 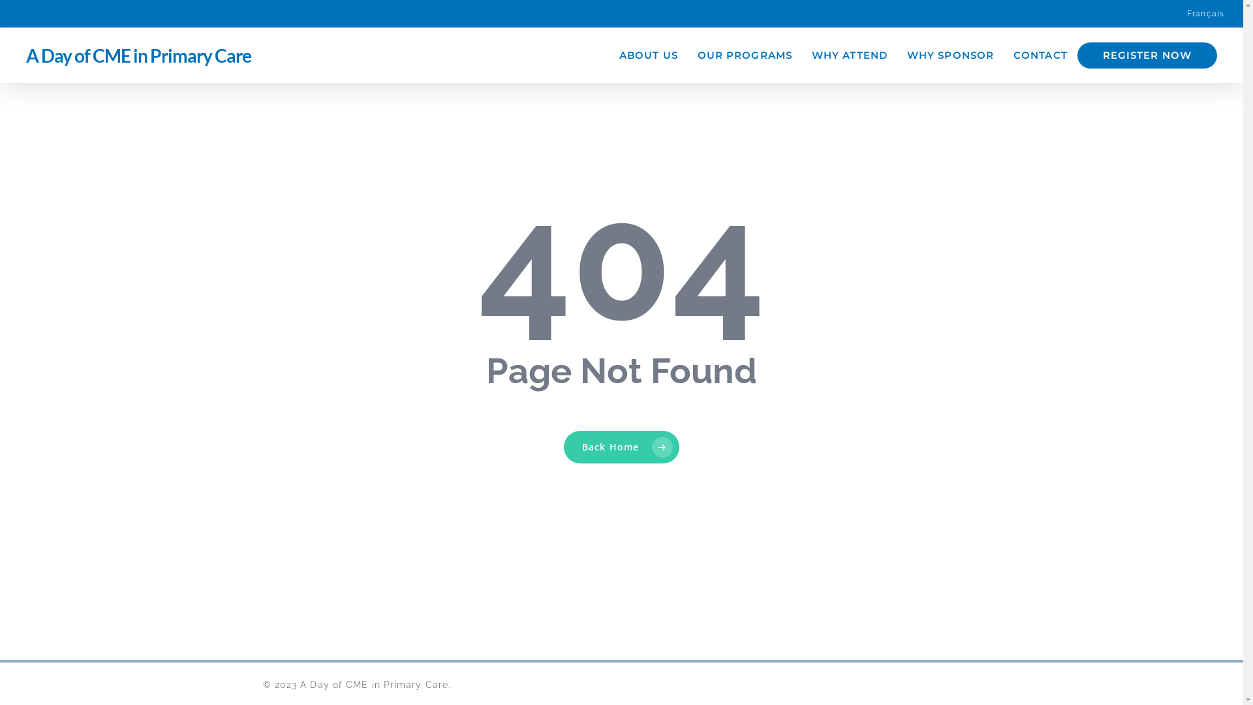 I want to click on 'WHY SPONSOR', so click(x=950, y=54).